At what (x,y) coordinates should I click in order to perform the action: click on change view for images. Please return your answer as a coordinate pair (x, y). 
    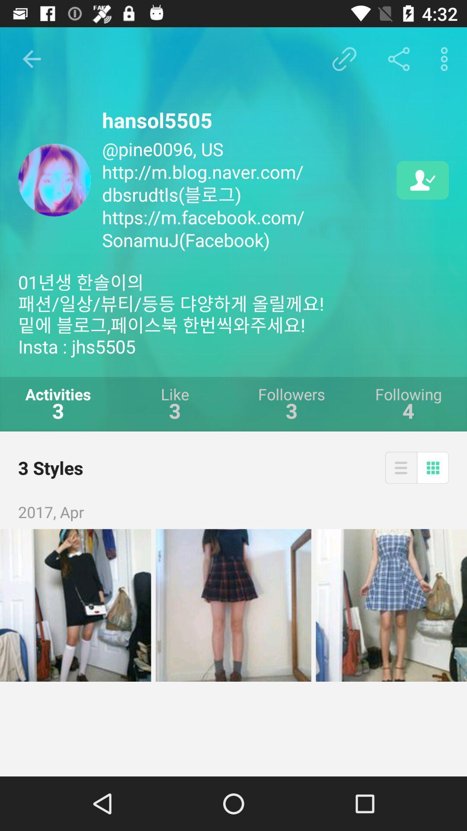
    Looking at the image, I should click on (401, 467).